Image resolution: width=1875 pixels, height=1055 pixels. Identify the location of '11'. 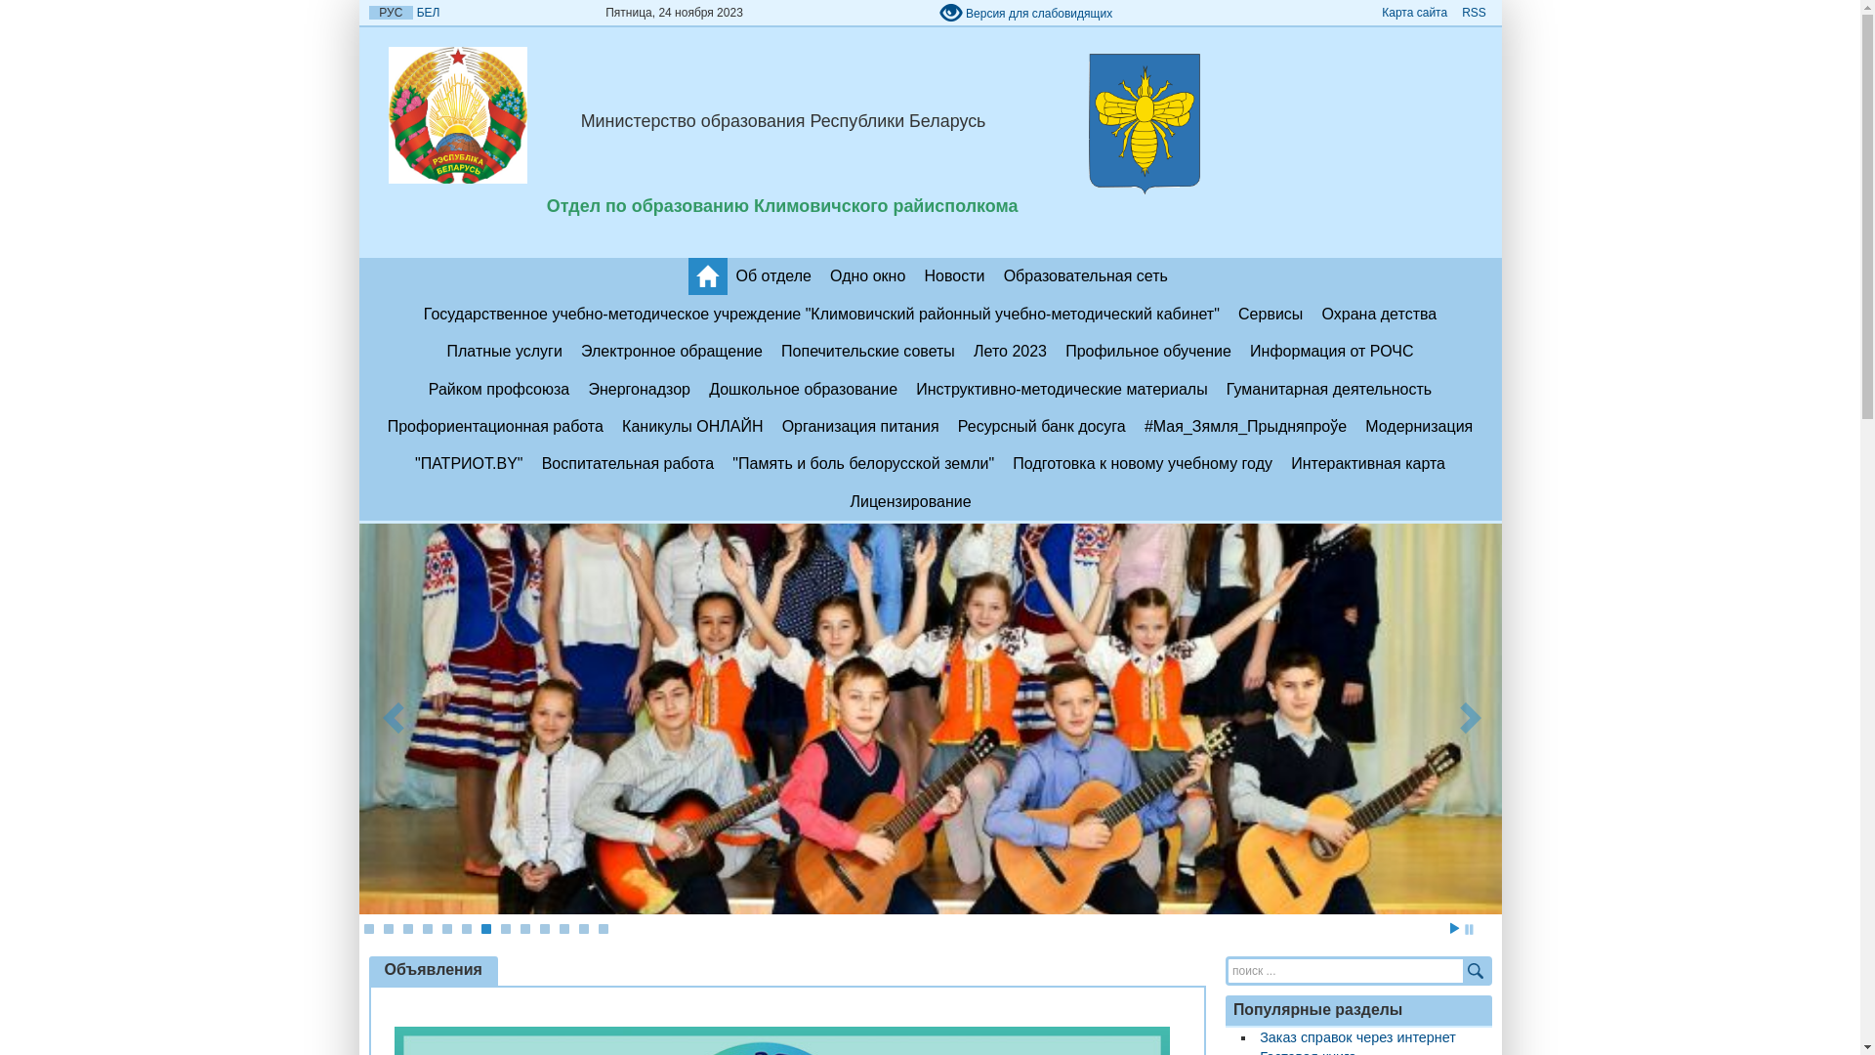
(562, 928).